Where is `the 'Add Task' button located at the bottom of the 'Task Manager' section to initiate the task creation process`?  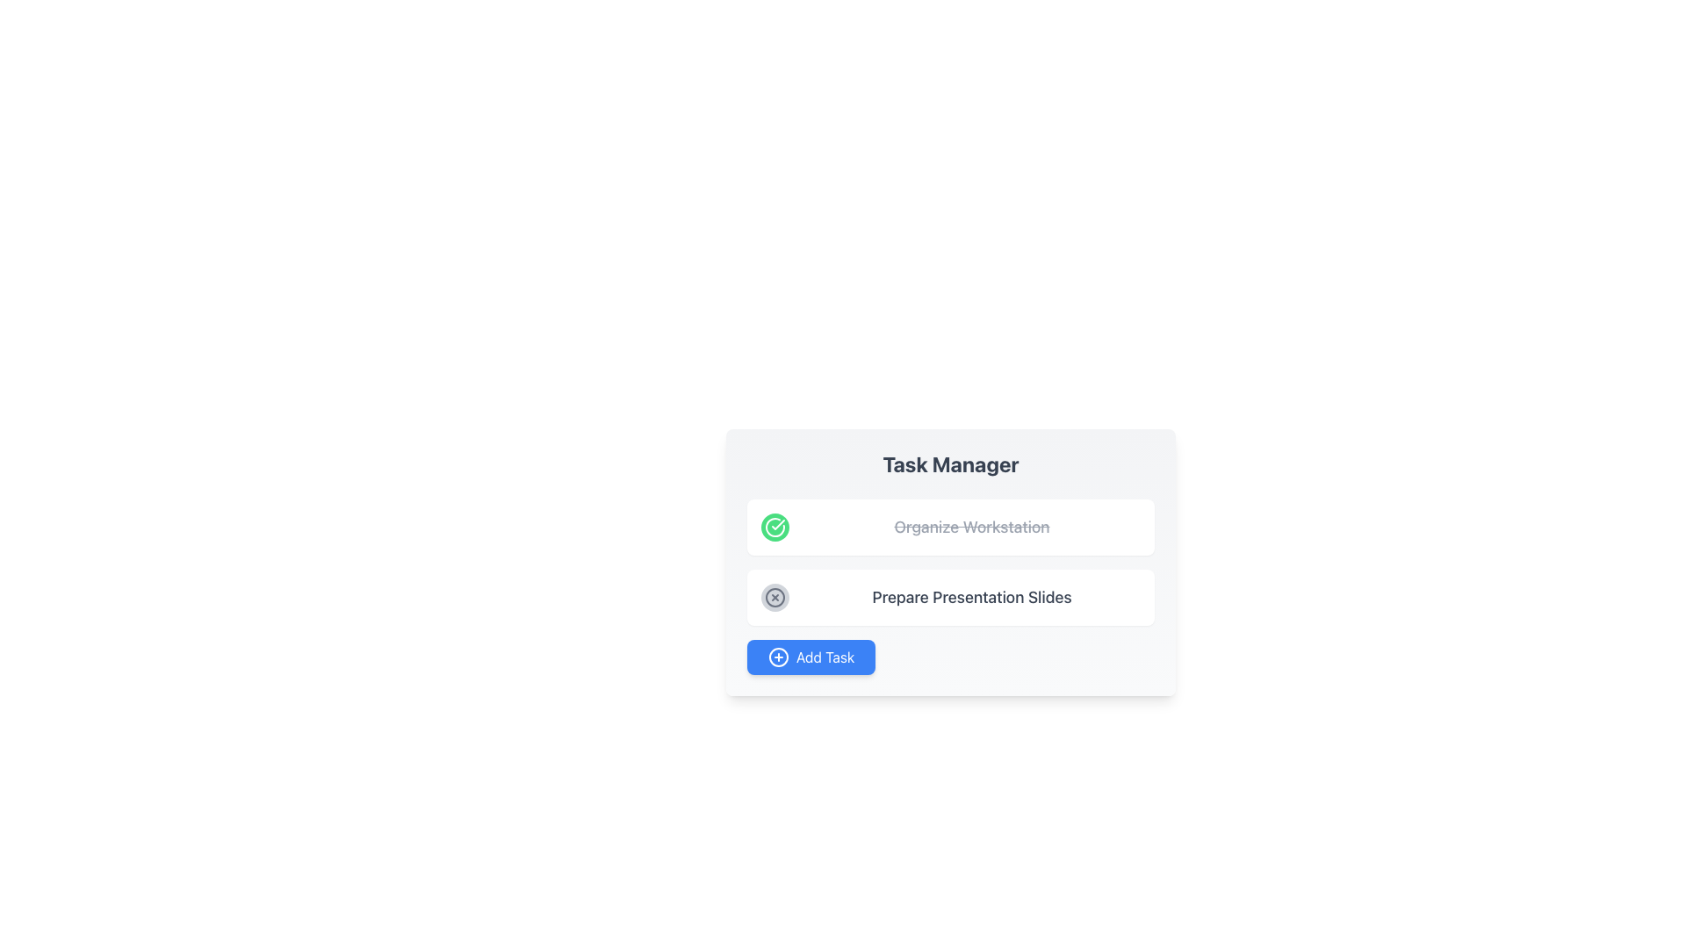
the 'Add Task' button located at the bottom of the 'Task Manager' section to initiate the task creation process is located at coordinates (811, 657).